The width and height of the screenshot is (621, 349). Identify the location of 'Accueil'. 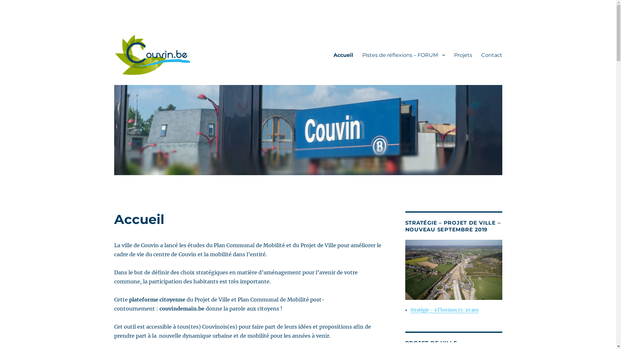
(329, 54).